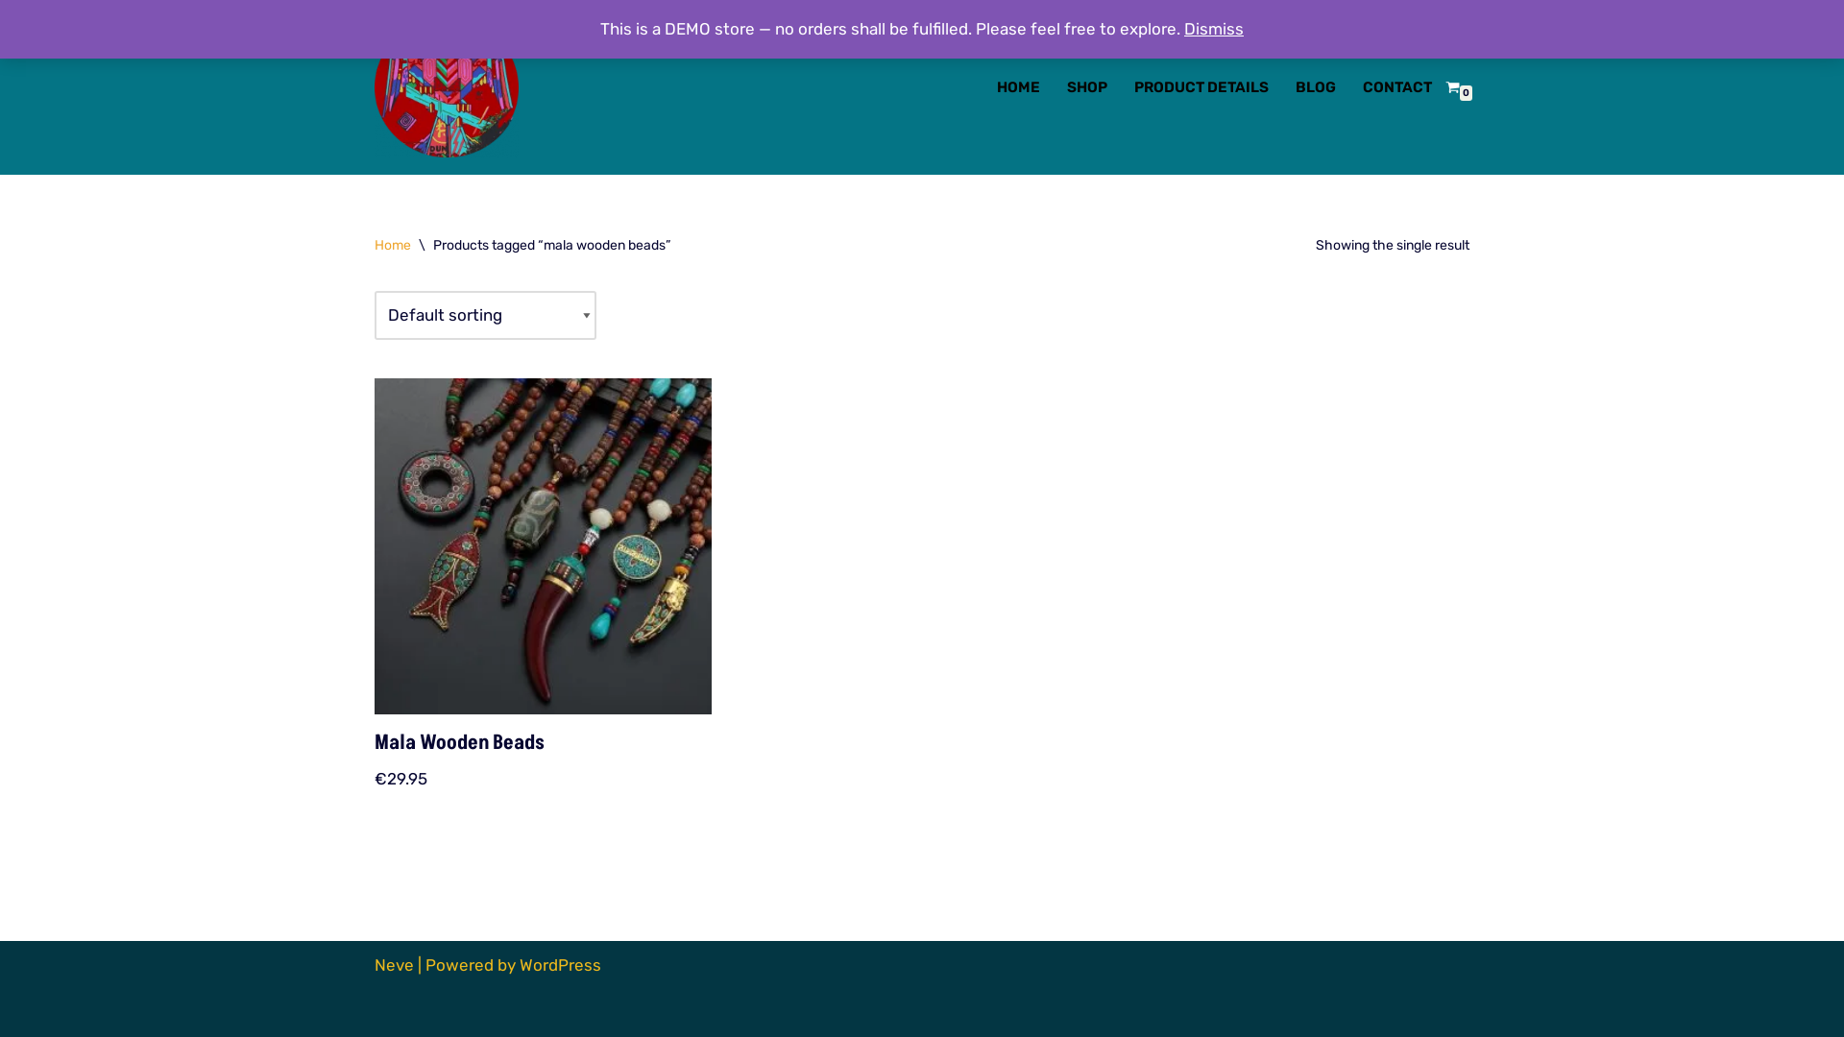 The image size is (1844, 1037). Describe the element at coordinates (559, 965) in the screenshot. I see `'WordPress'` at that location.